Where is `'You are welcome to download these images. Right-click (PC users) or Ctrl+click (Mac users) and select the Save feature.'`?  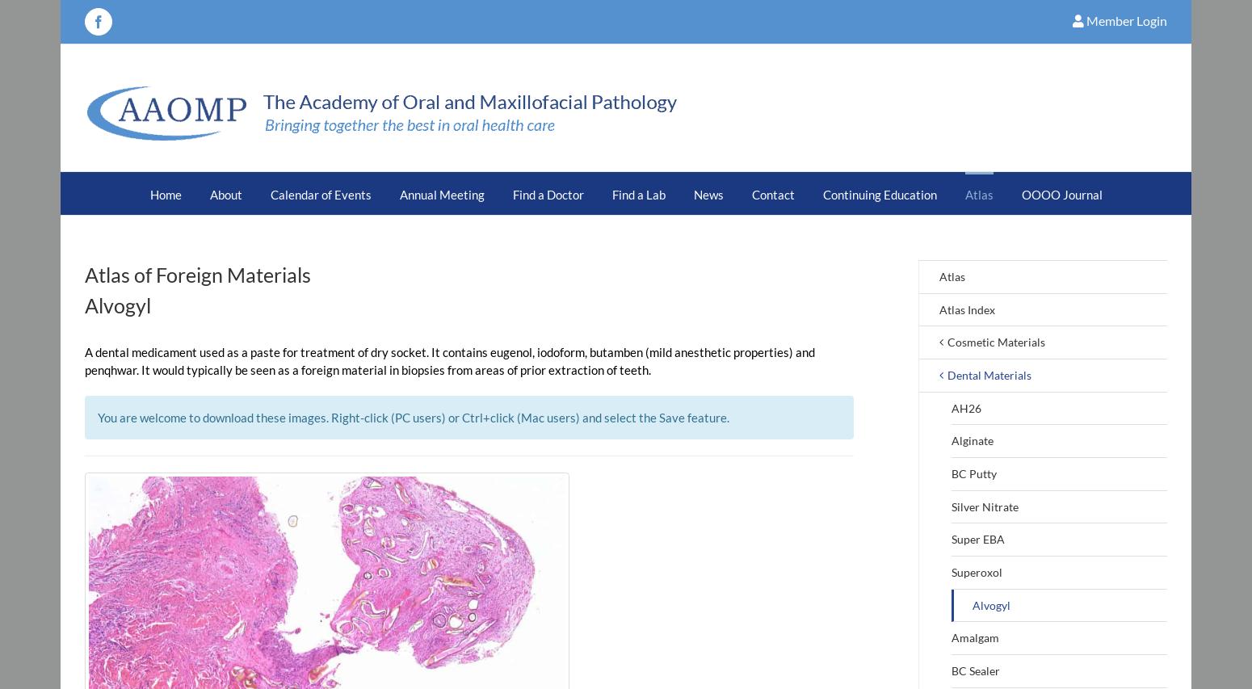
'You are welcome to download these images. Right-click (PC users) or Ctrl+click (Mac users) and select the Save feature.' is located at coordinates (412, 416).